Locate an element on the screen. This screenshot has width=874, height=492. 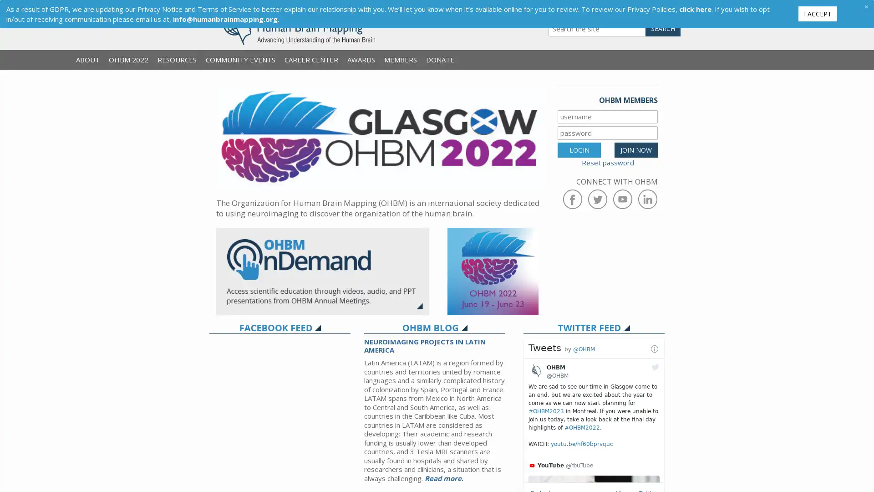
Previous is located at coordinates (240, 137).